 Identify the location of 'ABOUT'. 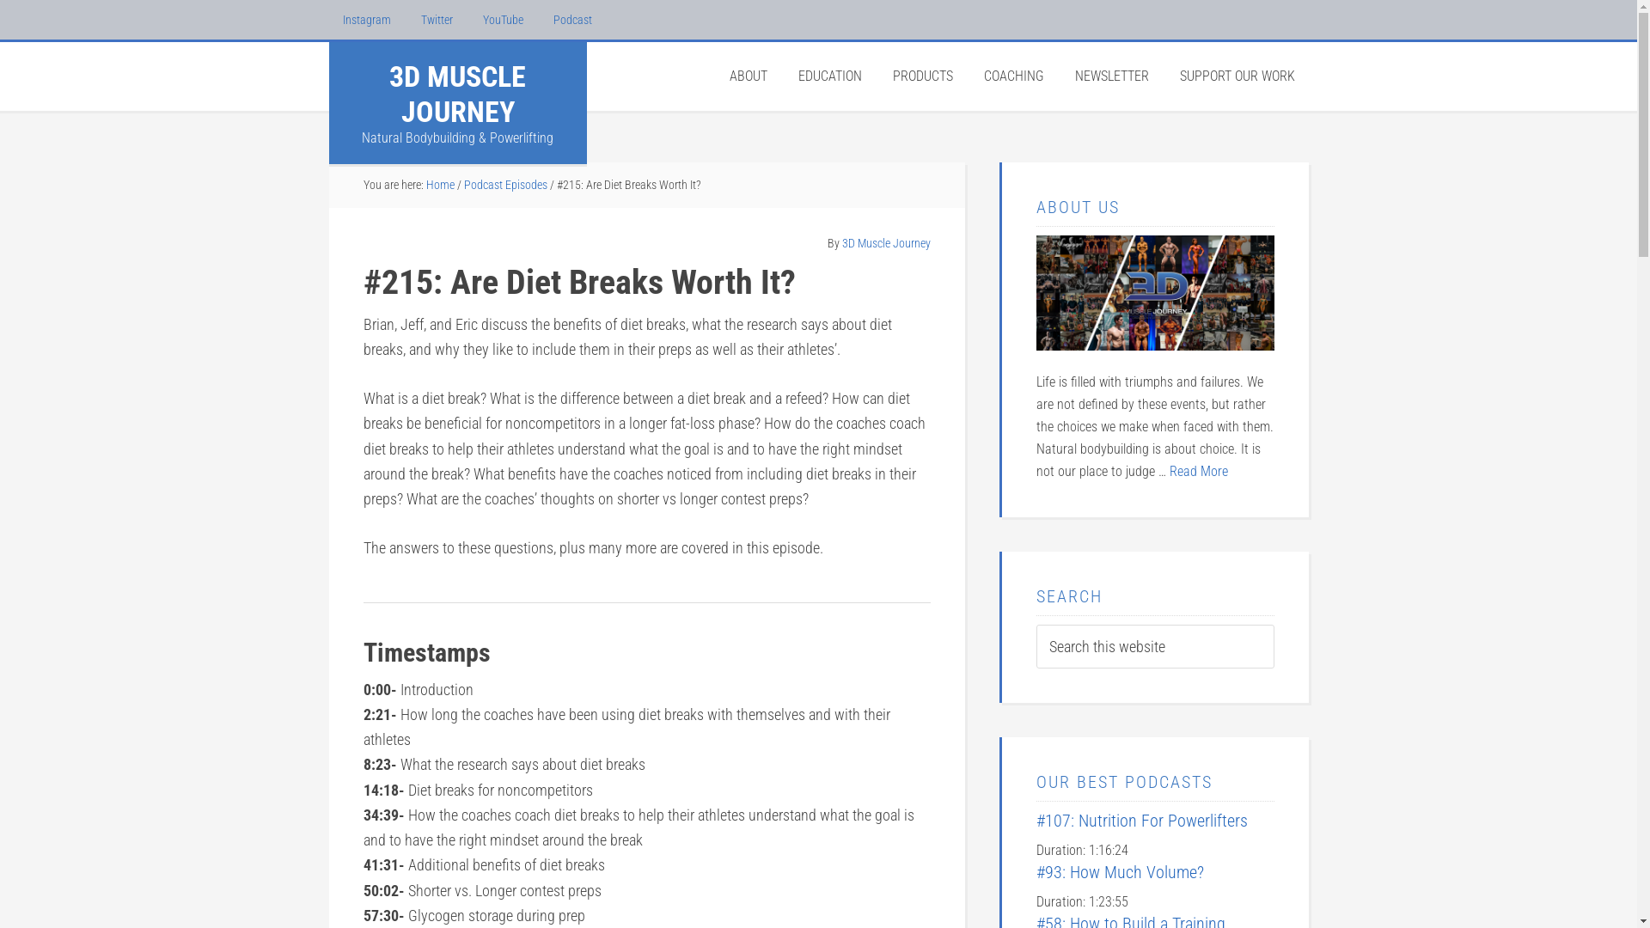
(747, 75).